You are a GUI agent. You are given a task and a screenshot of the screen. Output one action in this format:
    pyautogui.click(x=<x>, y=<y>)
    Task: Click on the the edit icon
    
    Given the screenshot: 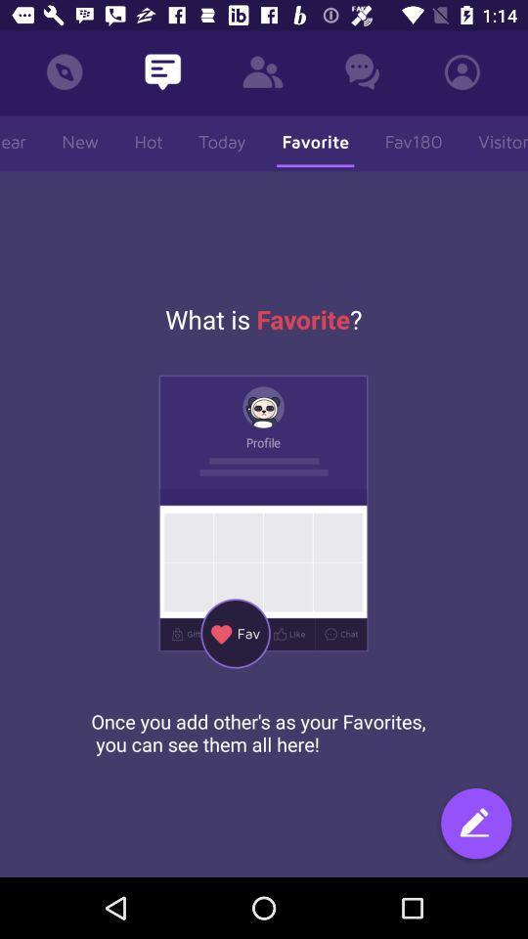 What is the action you would take?
    pyautogui.click(x=475, y=825)
    